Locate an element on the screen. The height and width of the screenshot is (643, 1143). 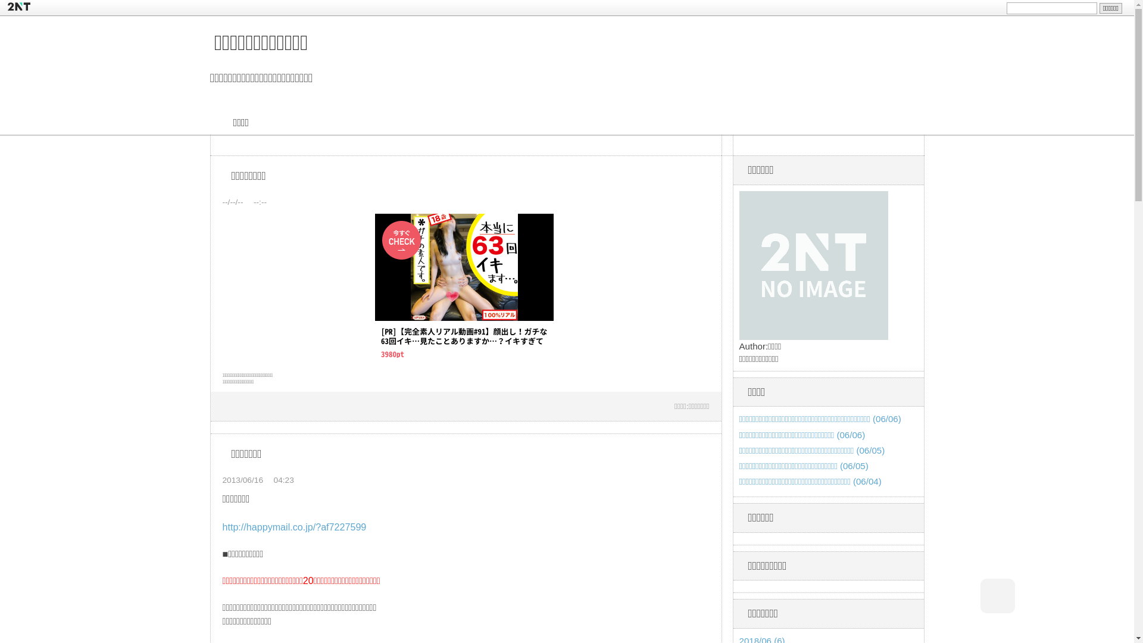
'http://happymail.co.jp/?af7227599' is located at coordinates (294, 526).